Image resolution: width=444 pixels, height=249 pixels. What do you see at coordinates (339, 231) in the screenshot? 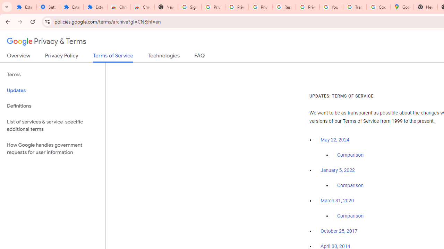
I see `'October 25, 2017'` at bounding box center [339, 231].